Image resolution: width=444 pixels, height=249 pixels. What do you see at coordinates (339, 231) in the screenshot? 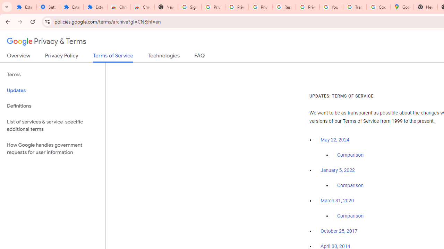
I see `'October 25, 2017'` at bounding box center [339, 231].